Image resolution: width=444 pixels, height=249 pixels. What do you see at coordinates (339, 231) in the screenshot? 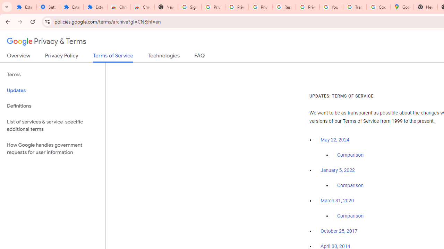
I see `'October 25, 2017'` at bounding box center [339, 231].